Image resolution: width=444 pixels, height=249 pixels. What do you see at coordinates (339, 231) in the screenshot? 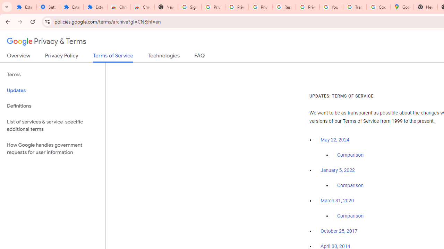
I see `'October 25, 2017'` at bounding box center [339, 231].